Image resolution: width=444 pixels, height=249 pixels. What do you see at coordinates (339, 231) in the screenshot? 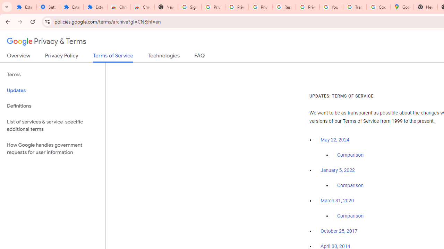
I see `'October 25, 2017'` at bounding box center [339, 231].